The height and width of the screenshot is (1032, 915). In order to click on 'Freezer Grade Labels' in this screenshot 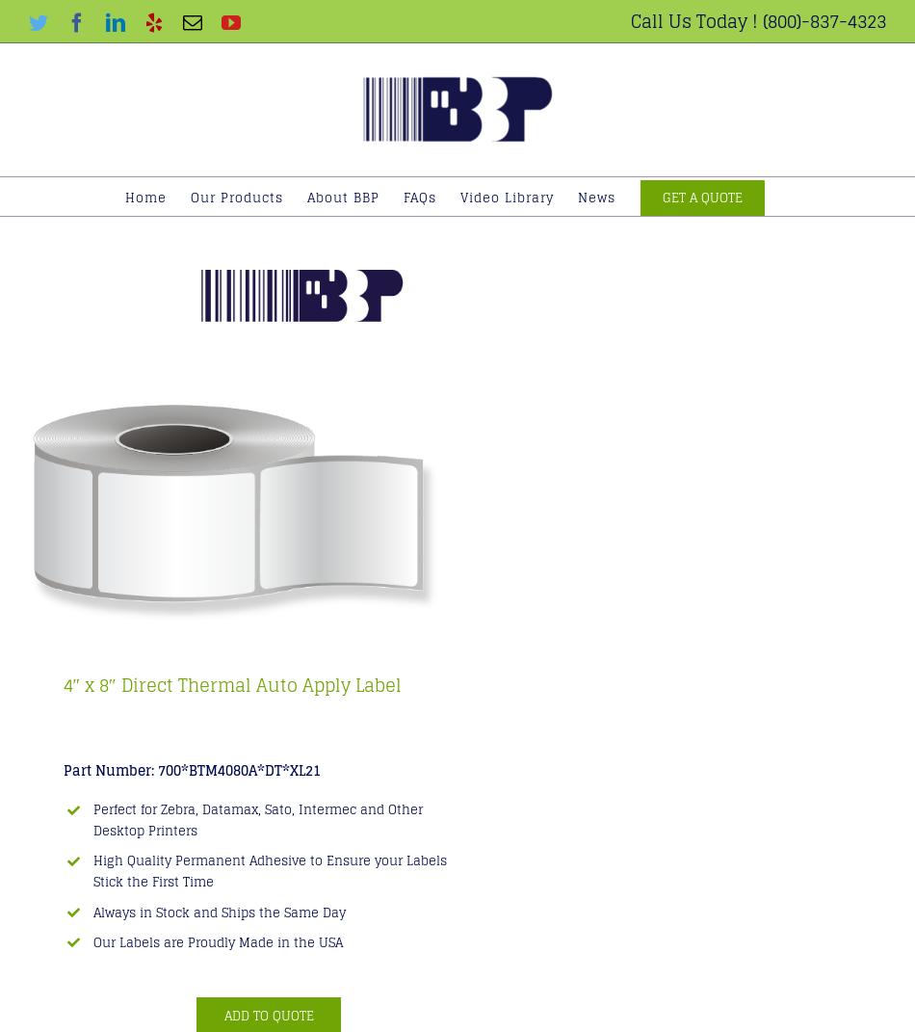, I will do `click(274, 366)`.